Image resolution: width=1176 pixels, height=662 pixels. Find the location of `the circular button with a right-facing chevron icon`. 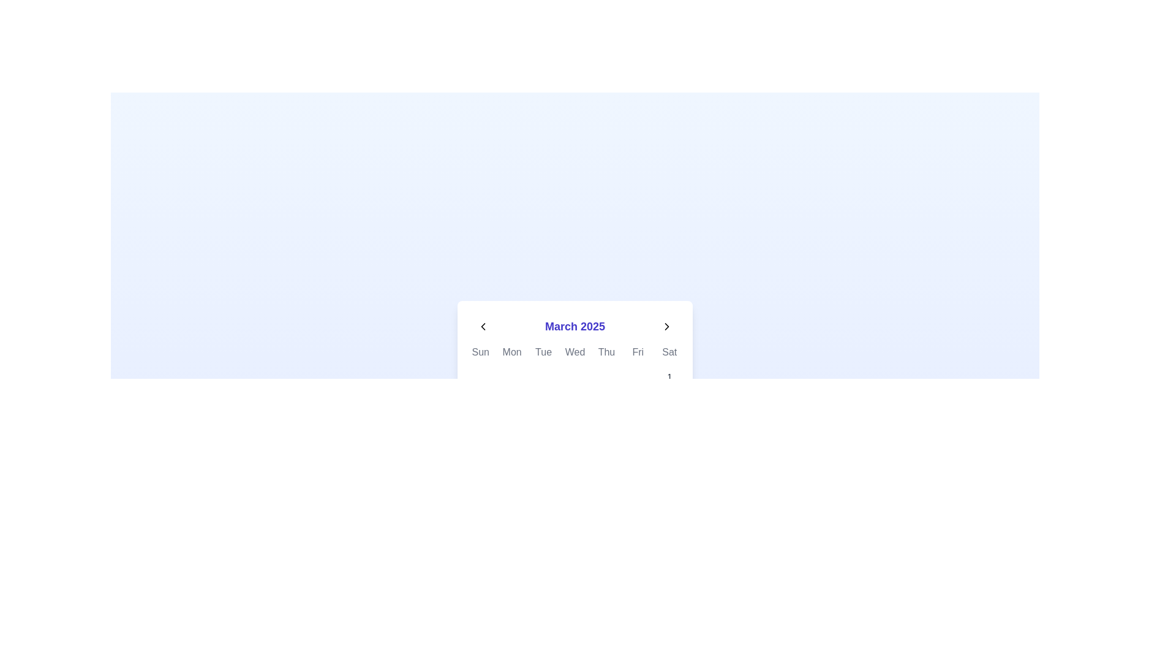

the circular button with a right-facing chevron icon is located at coordinates (666, 325).